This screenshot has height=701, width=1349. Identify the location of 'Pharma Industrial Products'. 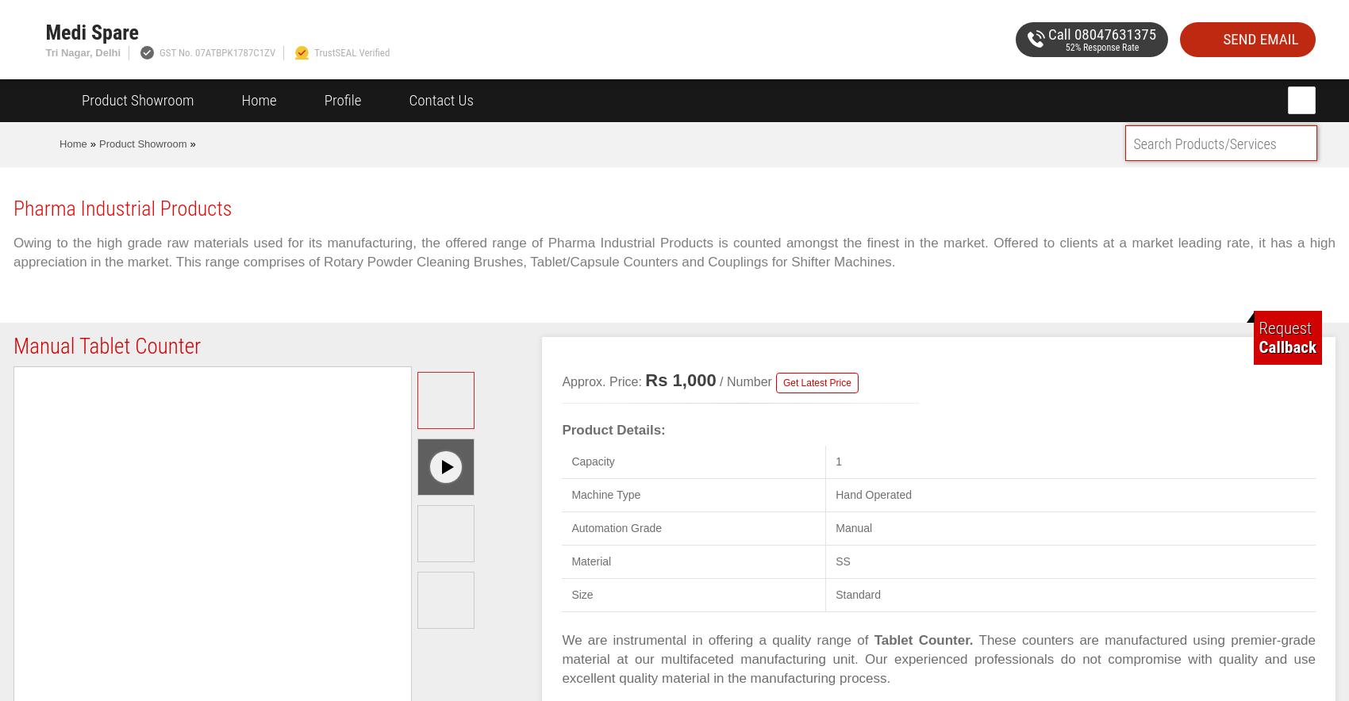
(121, 207).